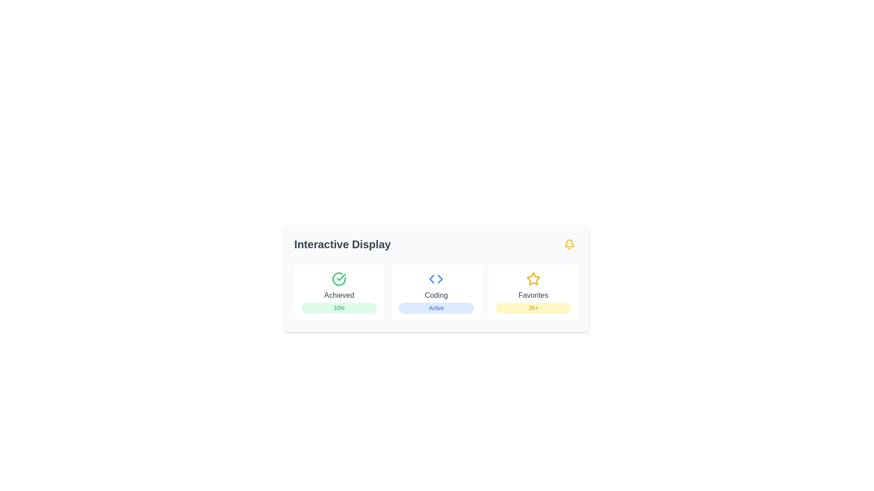  What do you see at coordinates (342, 244) in the screenshot?
I see `text content of the prominent label displaying 'Interactive Display', which is styled in larger bold dark gray font at the top-left corner of the card interface` at bounding box center [342, 244].